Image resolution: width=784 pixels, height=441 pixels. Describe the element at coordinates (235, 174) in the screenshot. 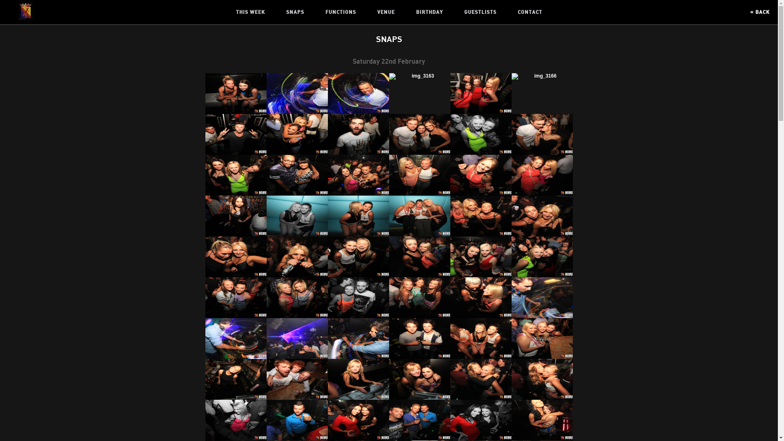

I see `' '` at that location.